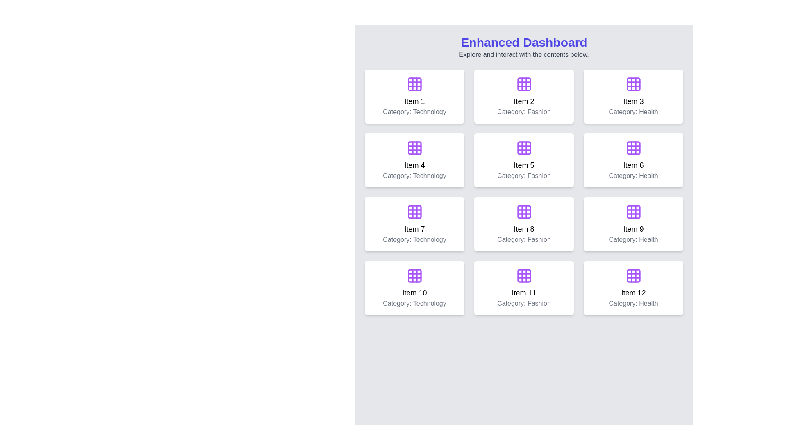 Image resolution: width=787 pixels, height=442 pixels. Describe the element at coordinates (523, 43) in the screenshot. I see `the heading text element at the top of the dashboard page, which serves as a title and is centered horizontally` at that location.